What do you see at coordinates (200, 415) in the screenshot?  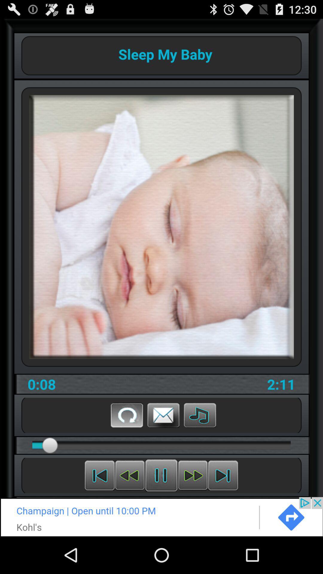 I see `leasion the music` at bounding box center [200, 415].